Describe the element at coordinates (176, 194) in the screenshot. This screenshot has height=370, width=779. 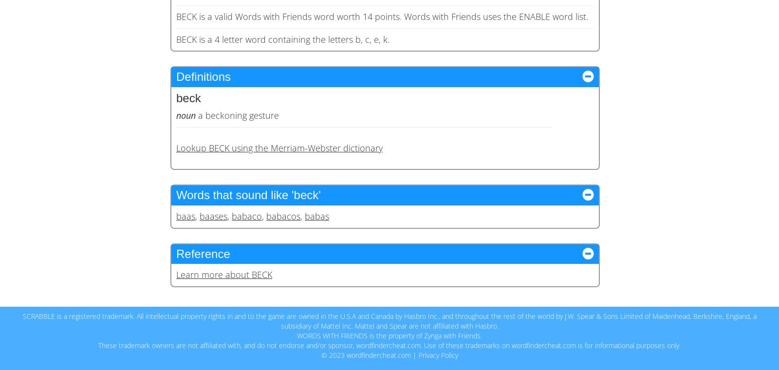
I see `'Words that sound like 'beck''` at that location.